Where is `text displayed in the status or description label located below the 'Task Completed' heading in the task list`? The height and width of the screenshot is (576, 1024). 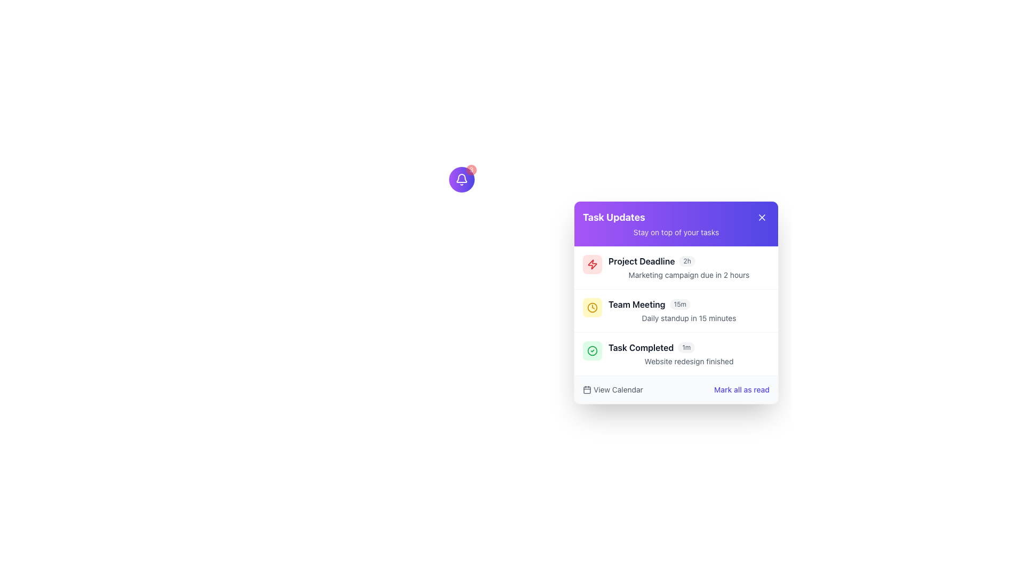
text displayed in the status or description label located below the 'Task Completed' heading in the task list is located at coordinates (689, 361).